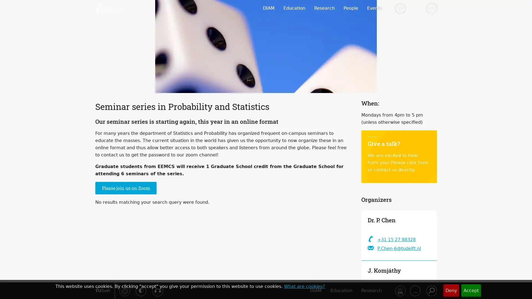 The image size is (532, 299). I want to click on Luister met de ReachDeck-werkbalk, so click(157, 290).